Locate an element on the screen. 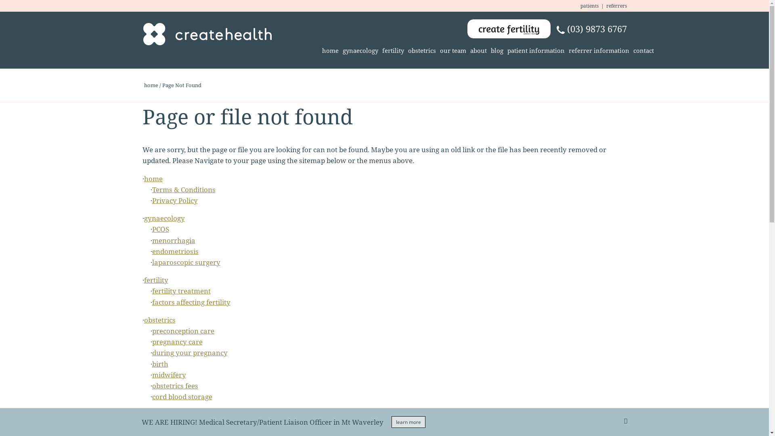 The image size is (775, 436). 'contact' is located at coordinates (643, 51).